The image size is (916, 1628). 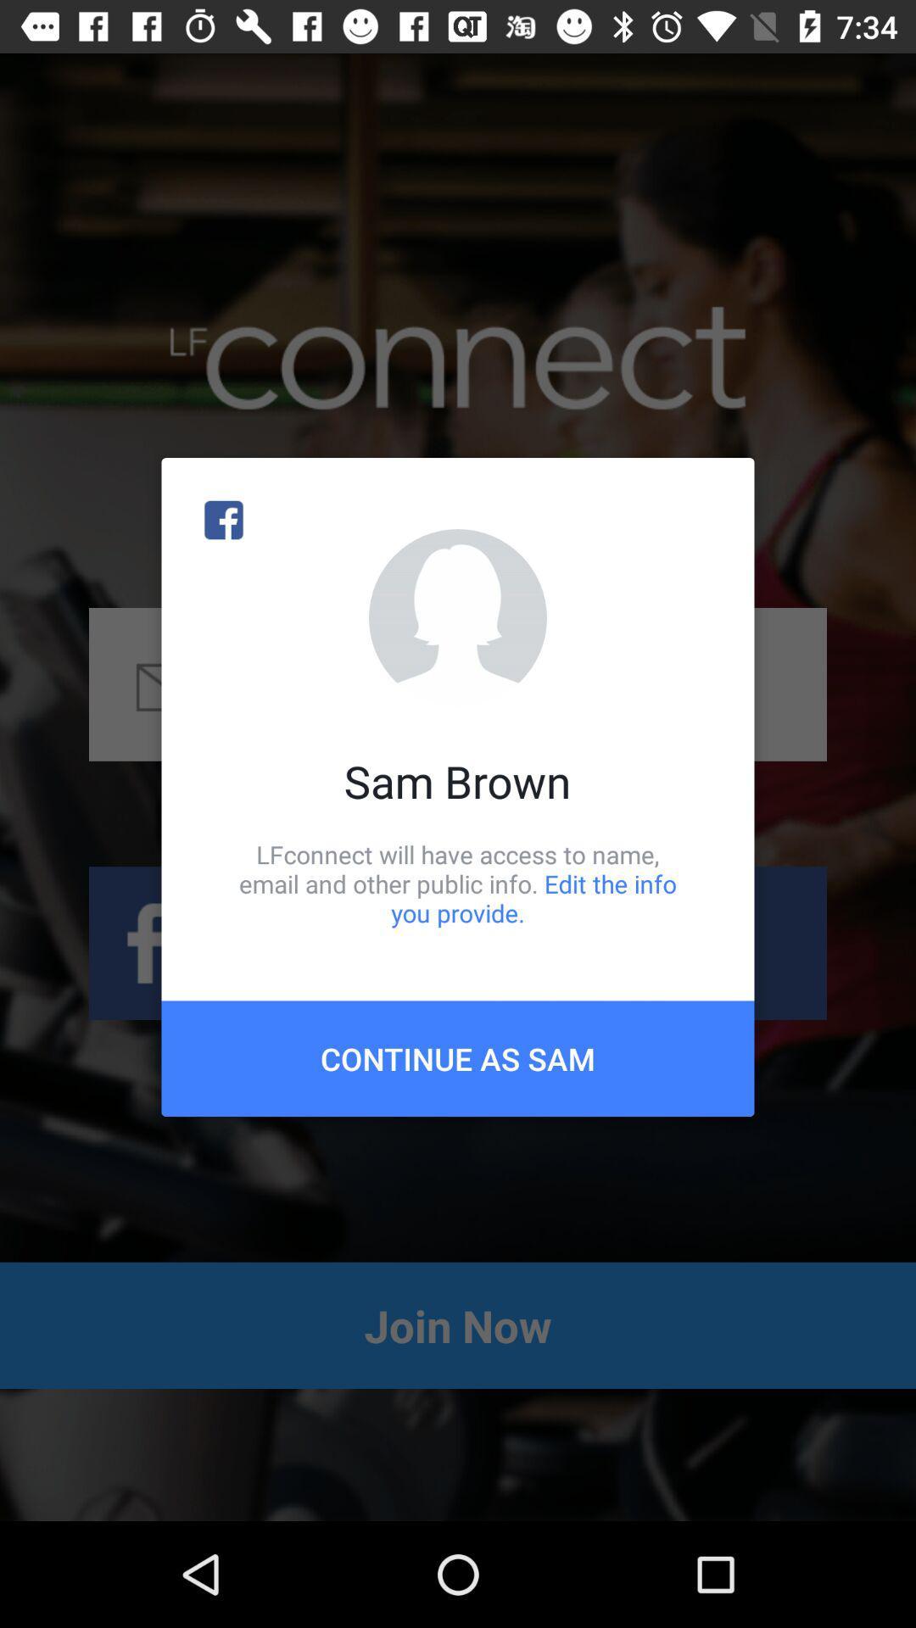 I want to click on item below sam brown item, so click(x=458, y=883).